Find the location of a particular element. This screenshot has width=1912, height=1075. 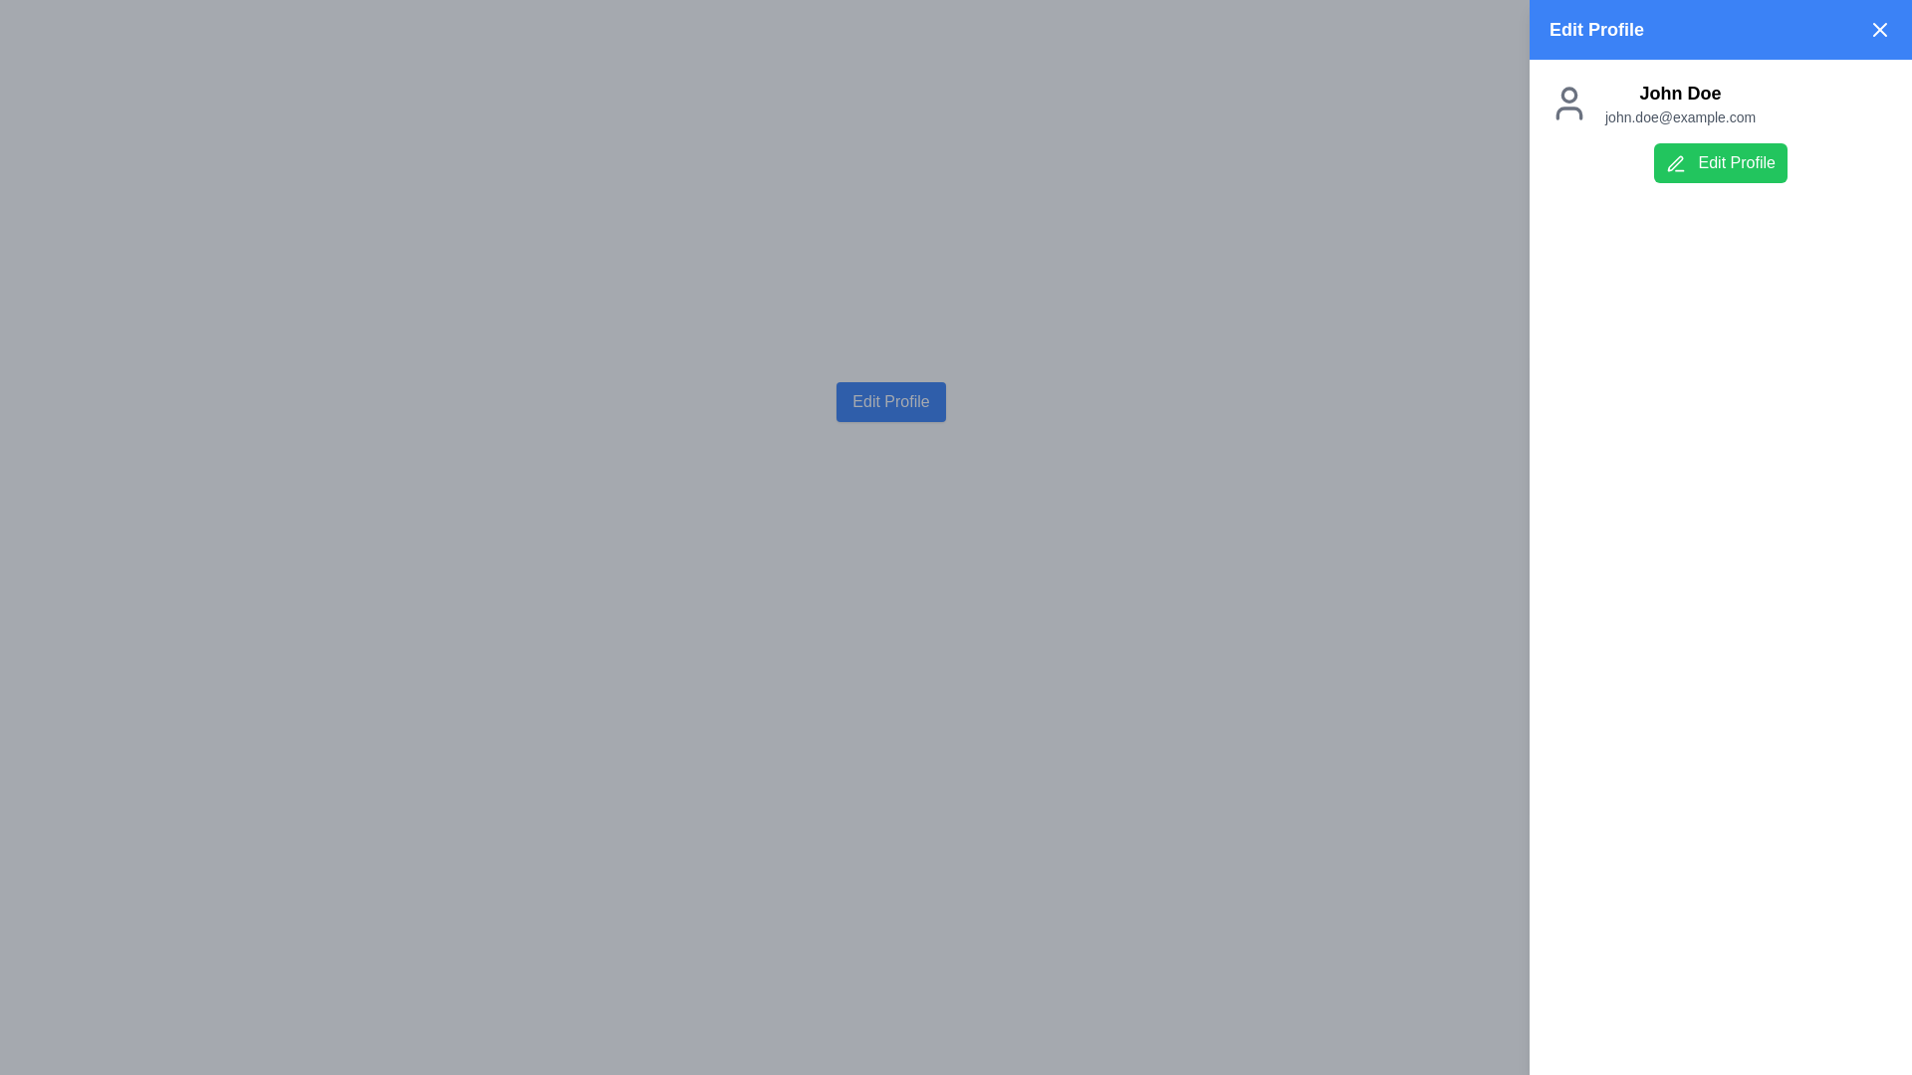

the lower semicircular part of the user profile icon representation, which is located beneath the circular head icon on the right section of the interface is located at coordinates (1567, 113).